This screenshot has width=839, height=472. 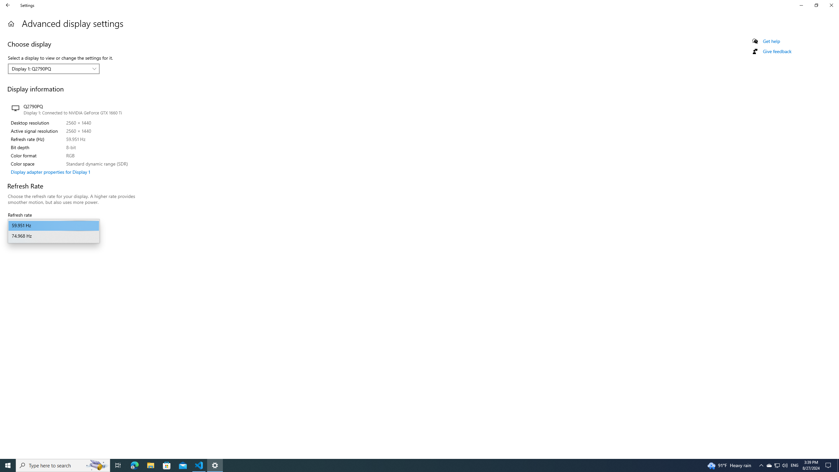 What do you see at coordinates (53, 236) in the screenshot?
I see `'74.968 Hz'` at bounding box center [53, 236].